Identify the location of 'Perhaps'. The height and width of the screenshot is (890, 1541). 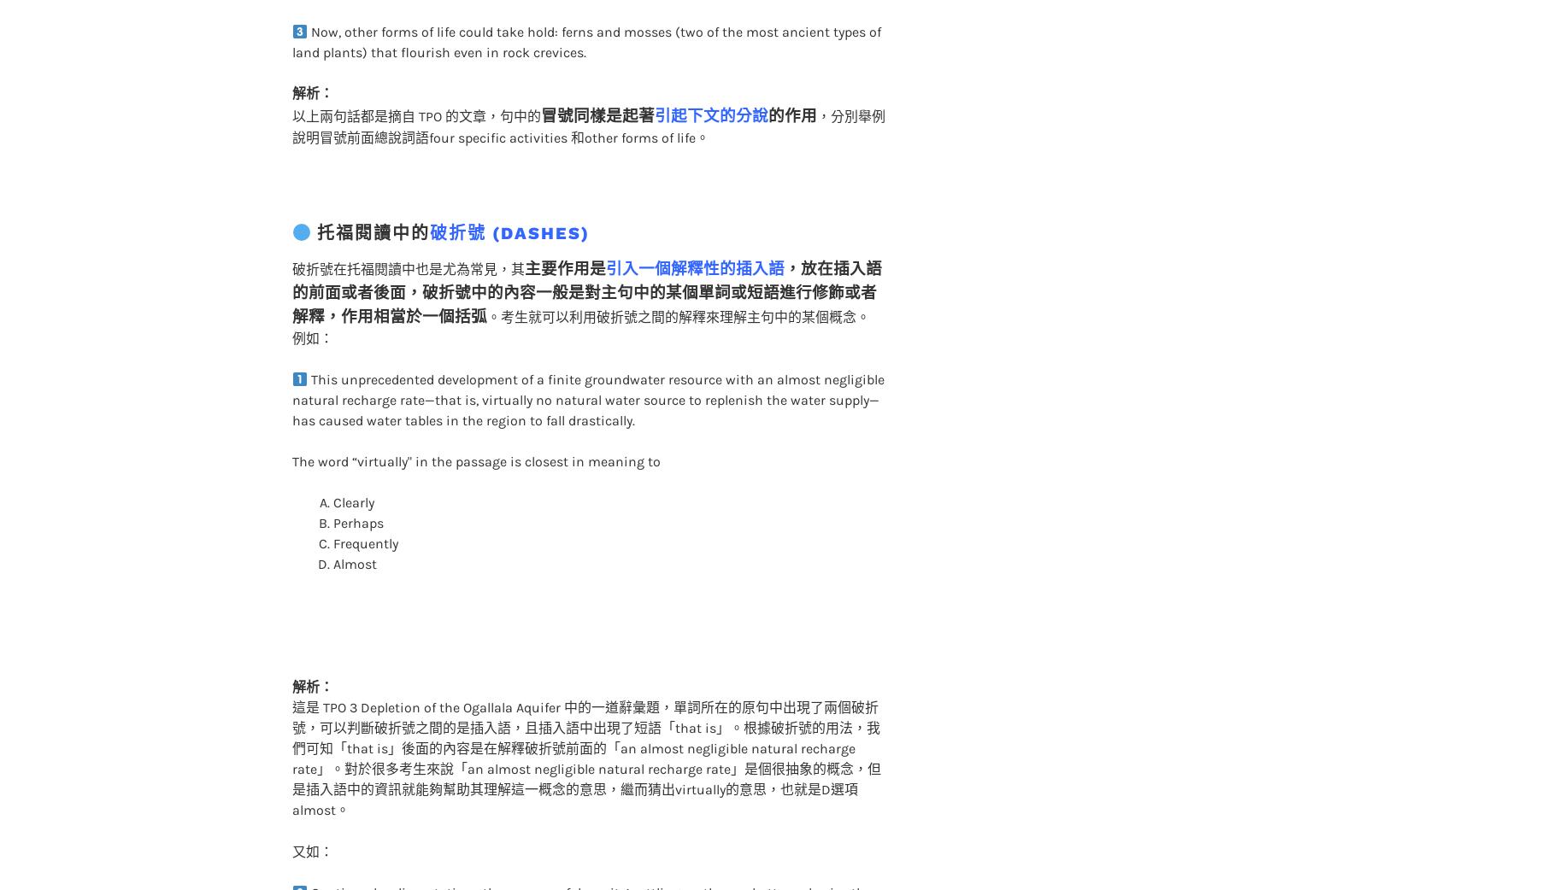
(357, 488).